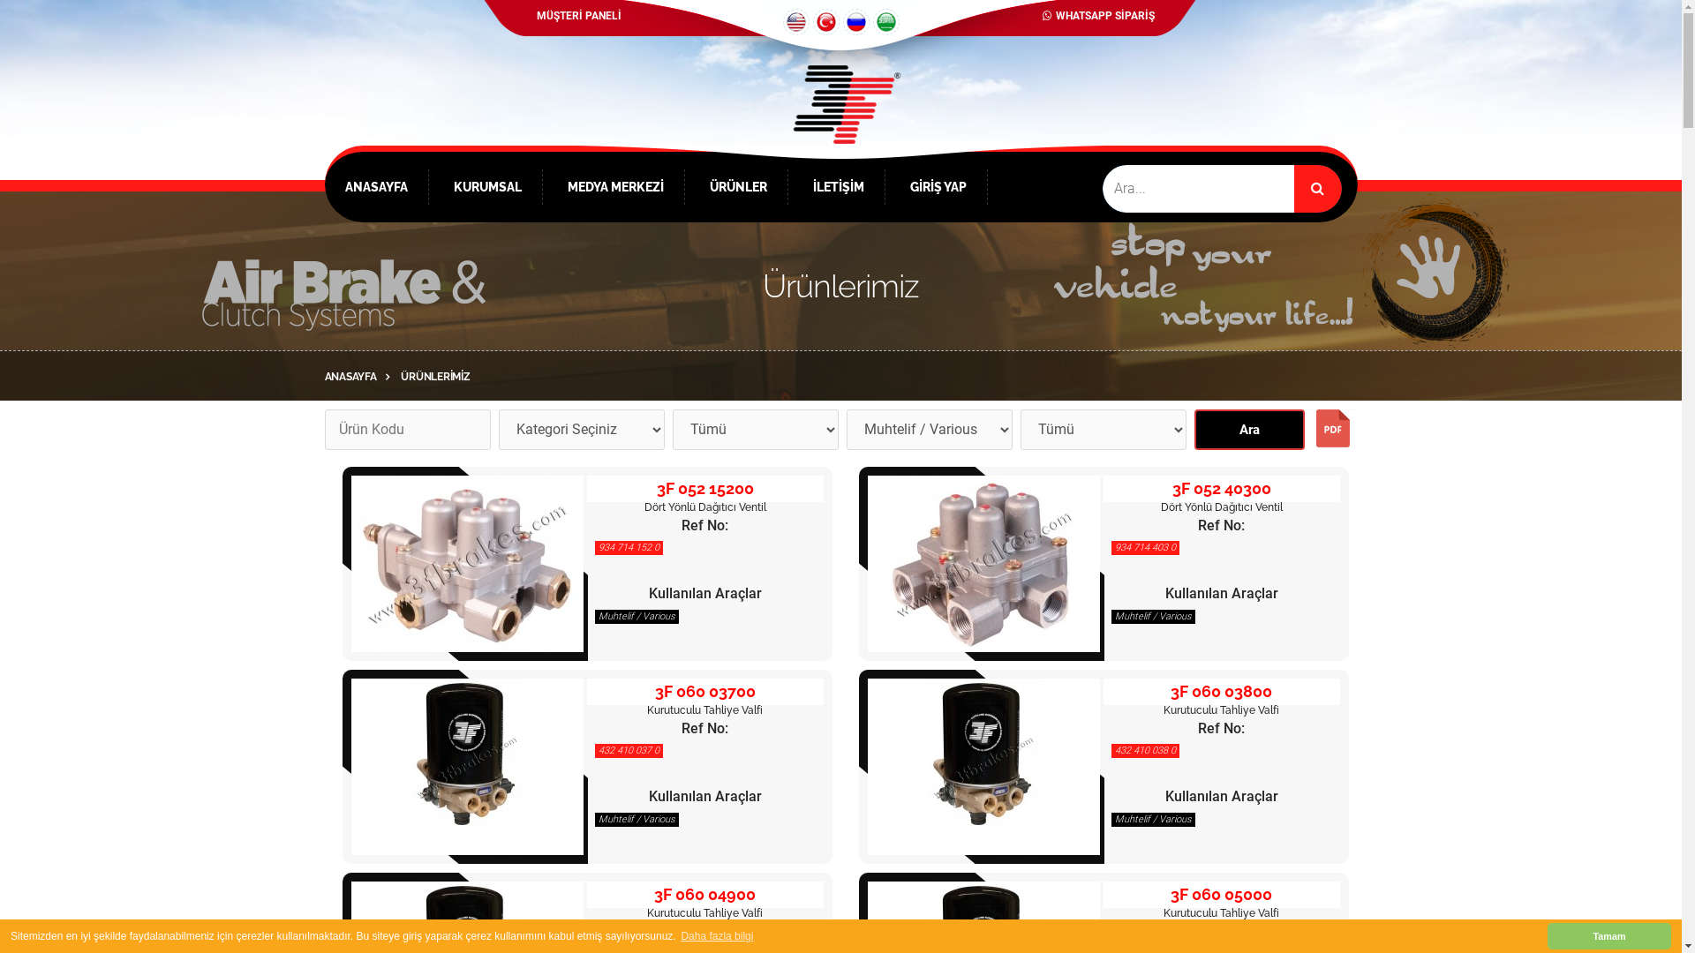 The width and height of the screenshot is (1695, 953). I want to click on 'MEDYA MERKEZI', so click(614, 187).